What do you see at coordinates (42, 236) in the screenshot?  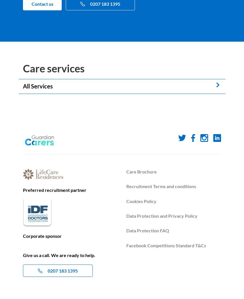 I see `'Corporate sponsor'` at bounding box center [42, 236].